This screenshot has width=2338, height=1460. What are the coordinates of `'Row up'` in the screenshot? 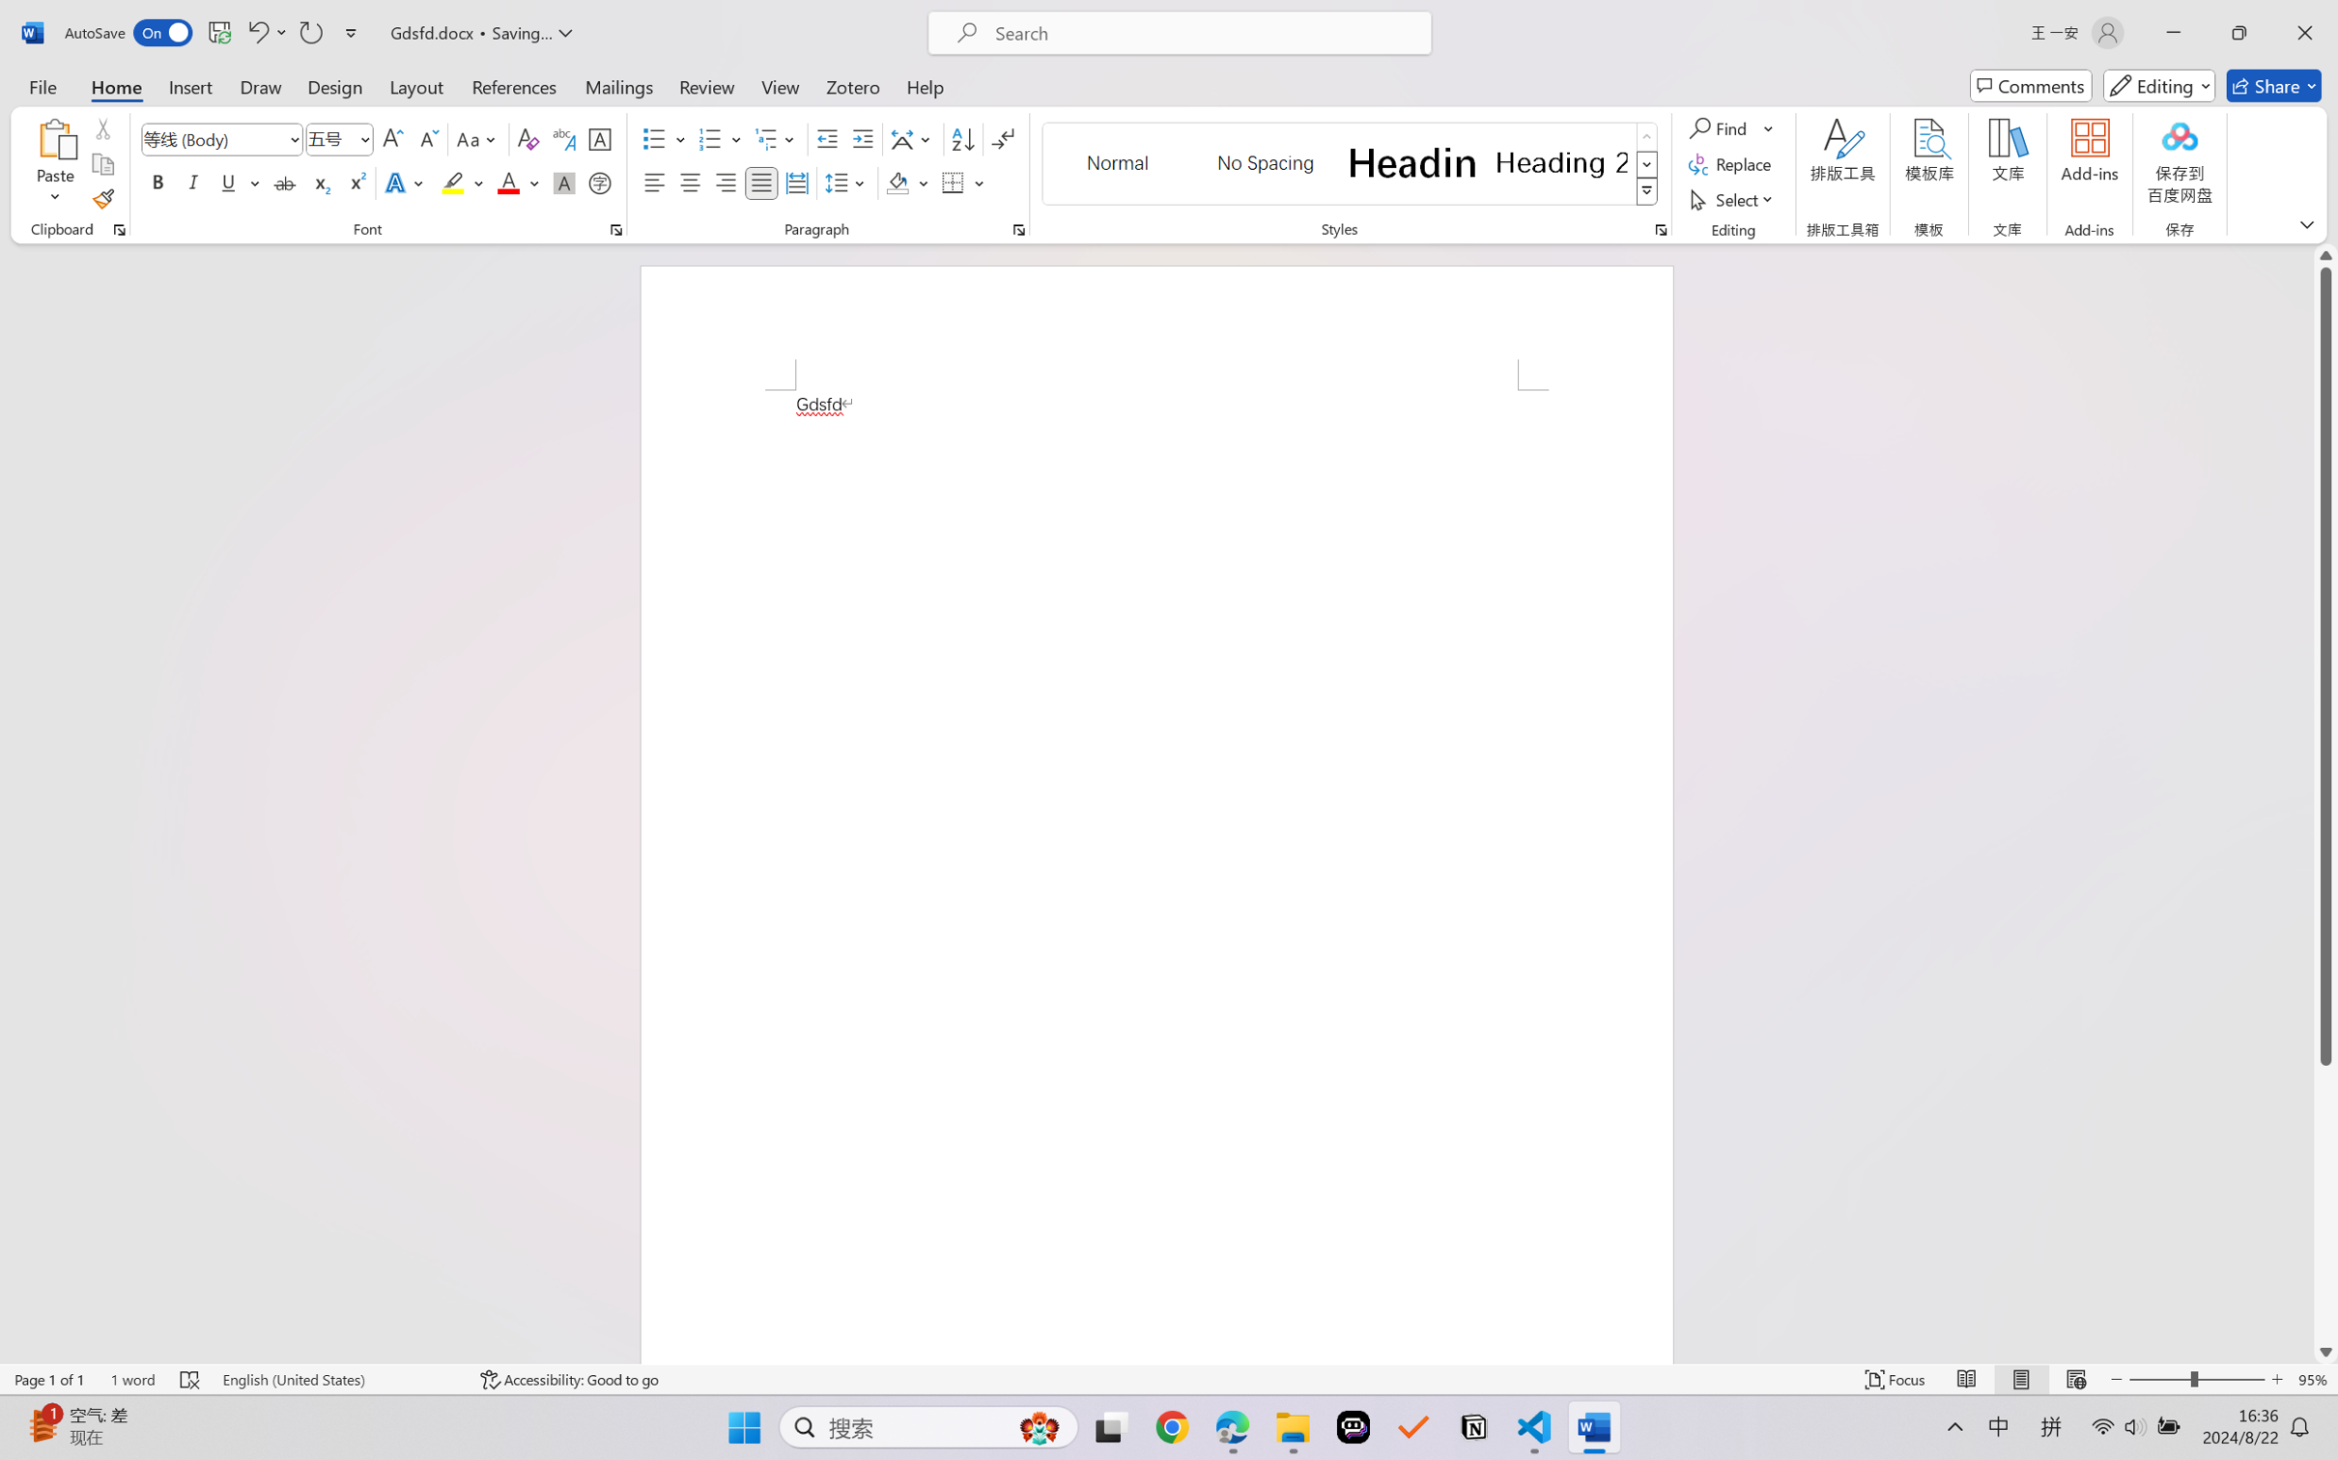 It's located at (1645, 136).